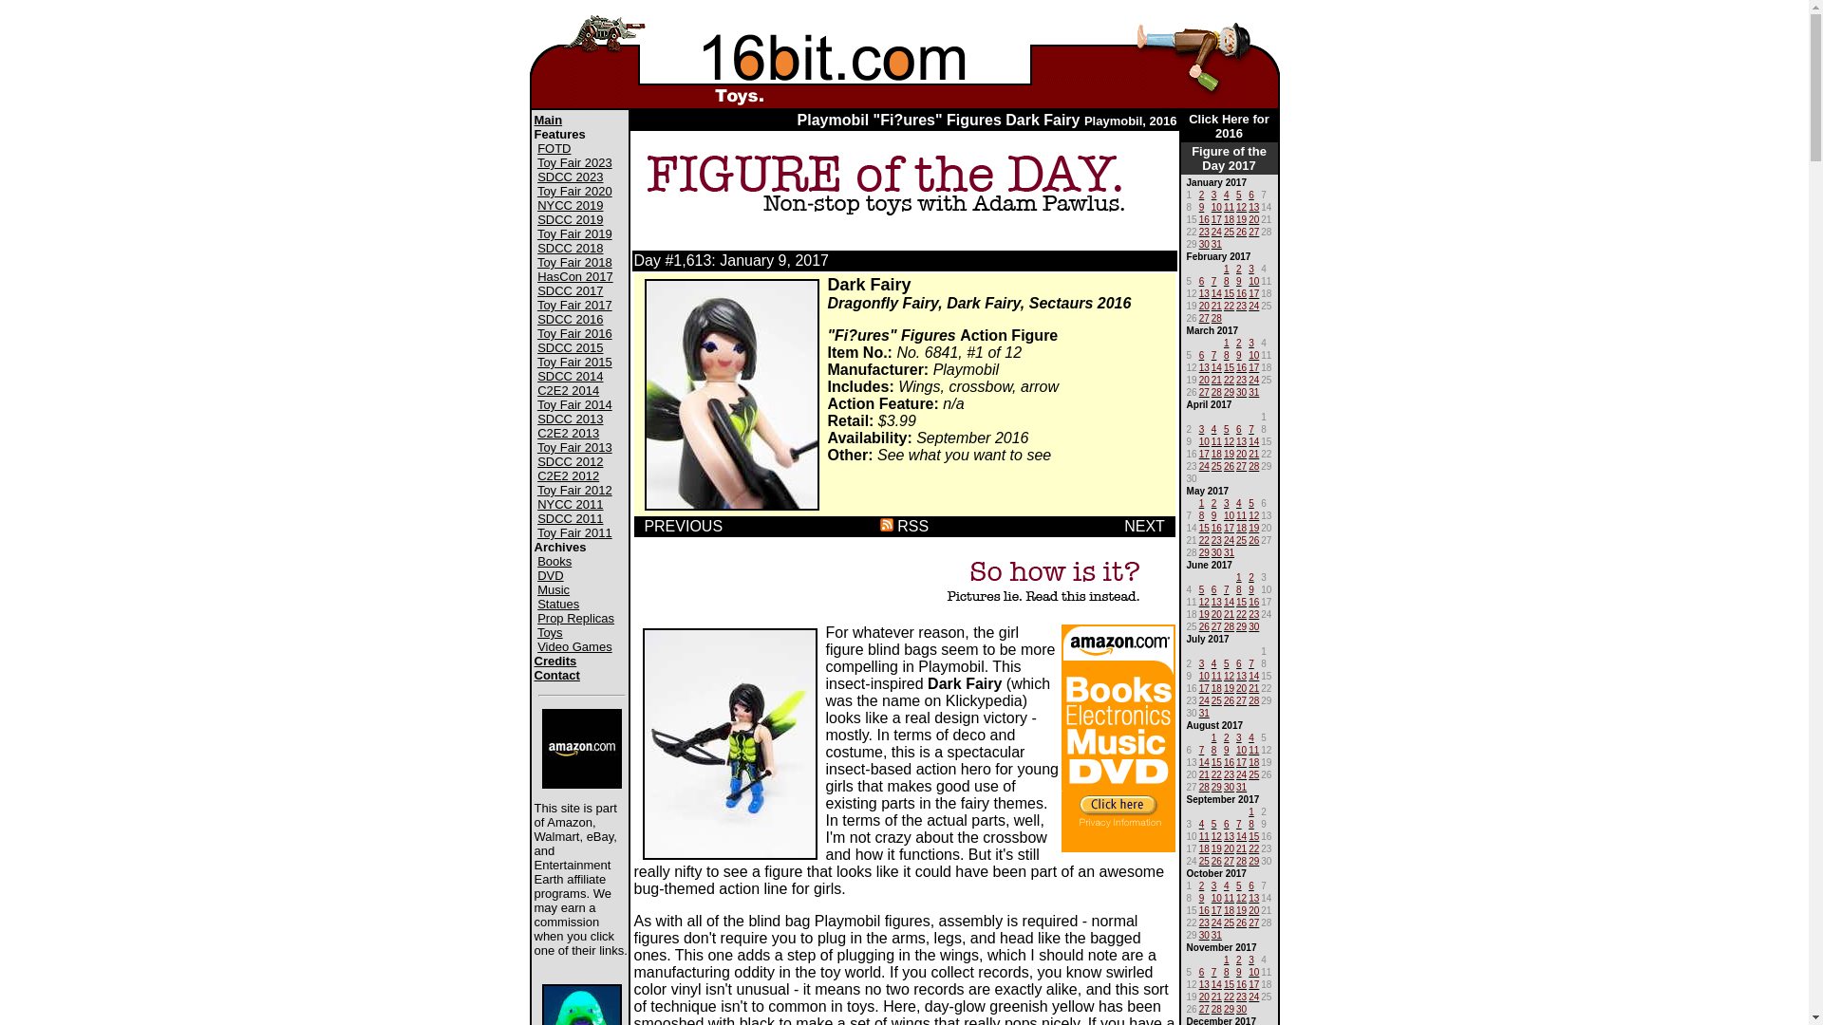 This screenshot has width=1823, height=1025. What do you see at coordinates (1203, 229) in the screenshot?
I see `'23'` at bounding box center [1203, 229].